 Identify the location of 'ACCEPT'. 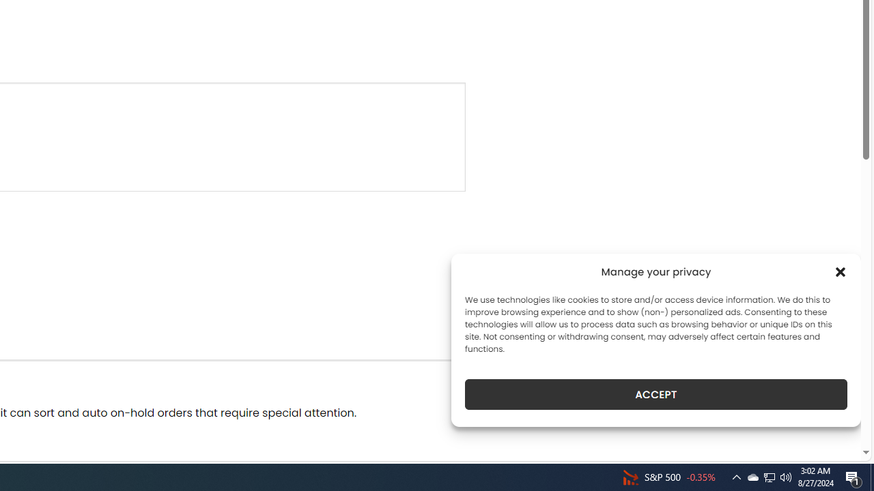
(656, 394).